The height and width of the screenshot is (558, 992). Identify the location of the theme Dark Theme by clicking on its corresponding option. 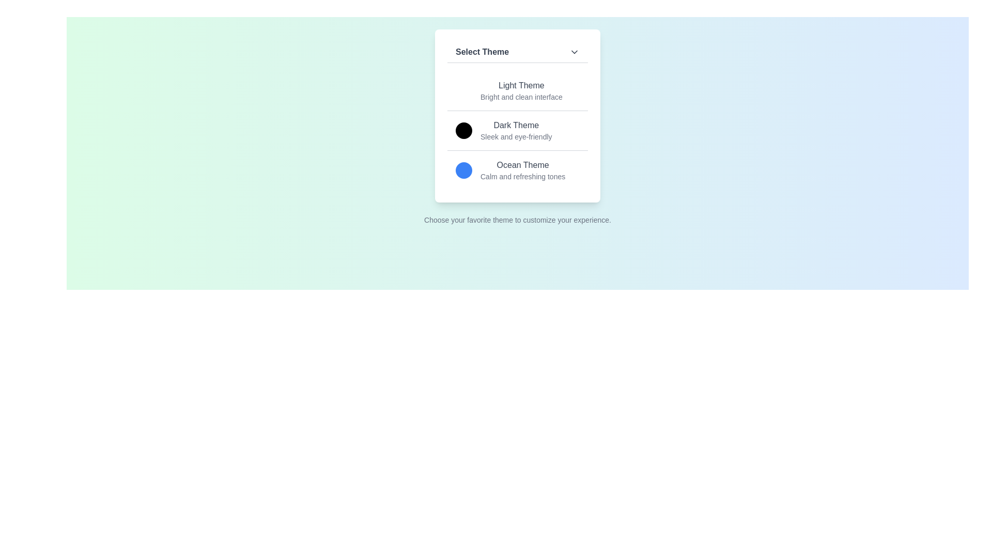
(518, 130).